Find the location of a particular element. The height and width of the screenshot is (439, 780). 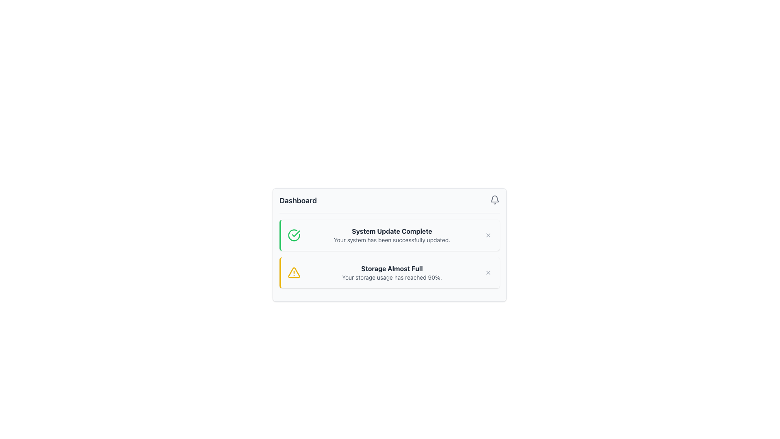

the Close Button Icon, which resembles an 'X' and is located in the lower notification panel is located at coordinates (487, 273).